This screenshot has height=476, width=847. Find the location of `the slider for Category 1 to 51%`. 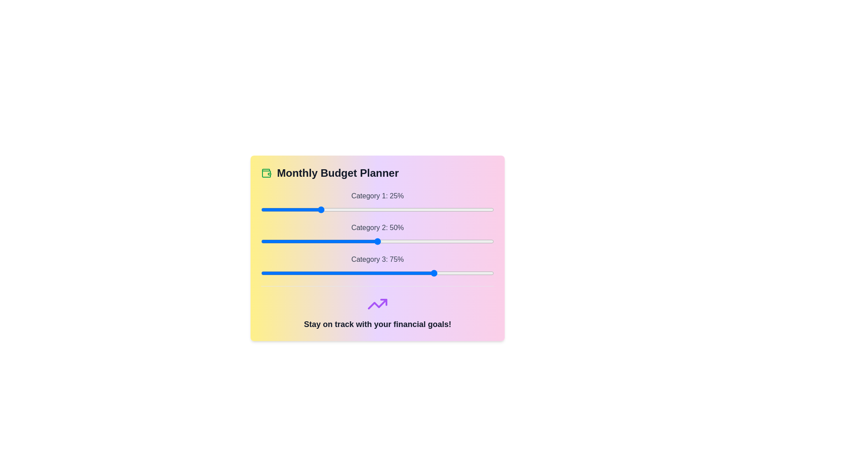

the slider for Category 1 to 51% is located at coordinates (380, 209).